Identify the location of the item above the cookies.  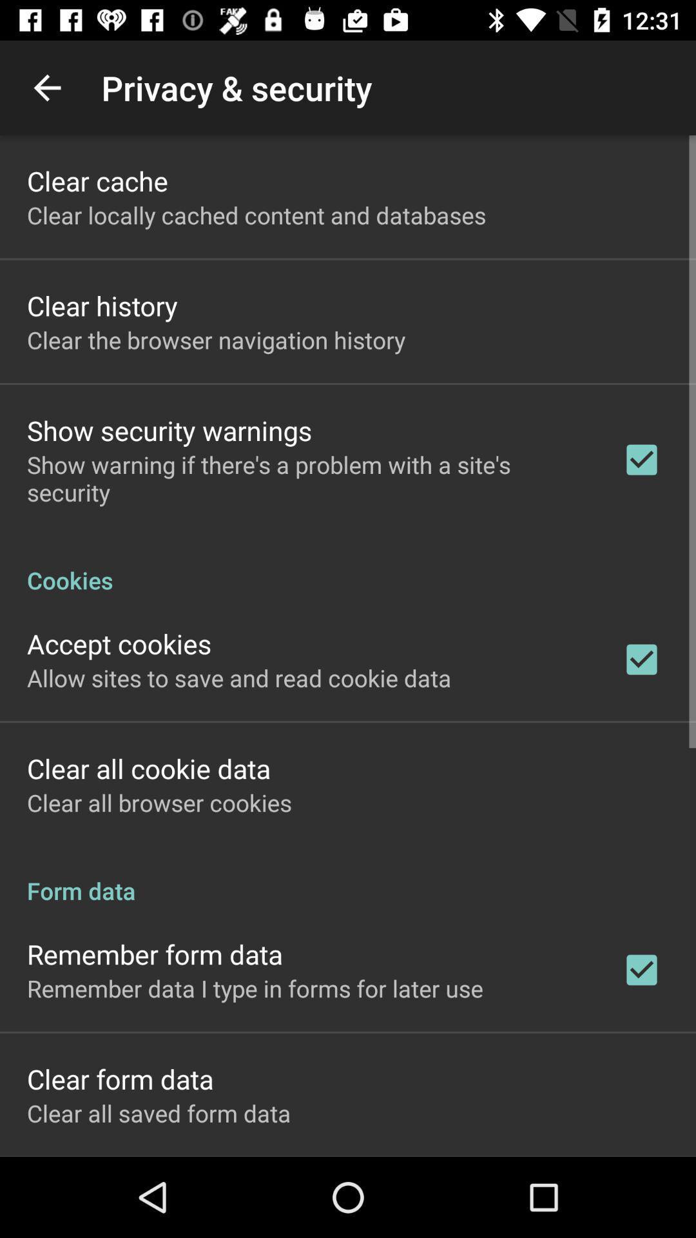
(307, 478).